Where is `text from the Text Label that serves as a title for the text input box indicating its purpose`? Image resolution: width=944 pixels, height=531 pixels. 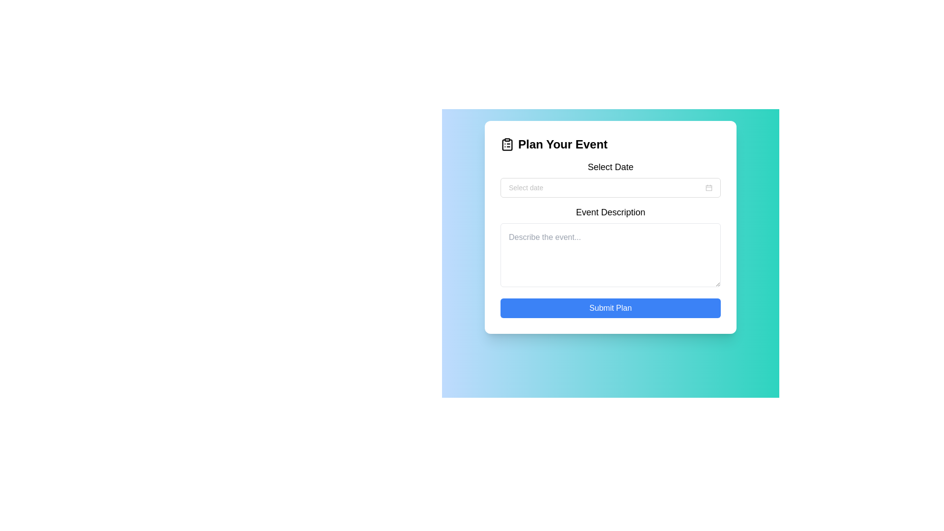 text from the Text Label that serves as a title for the text input box indicating its purpose is located at coordinates (610, 212).